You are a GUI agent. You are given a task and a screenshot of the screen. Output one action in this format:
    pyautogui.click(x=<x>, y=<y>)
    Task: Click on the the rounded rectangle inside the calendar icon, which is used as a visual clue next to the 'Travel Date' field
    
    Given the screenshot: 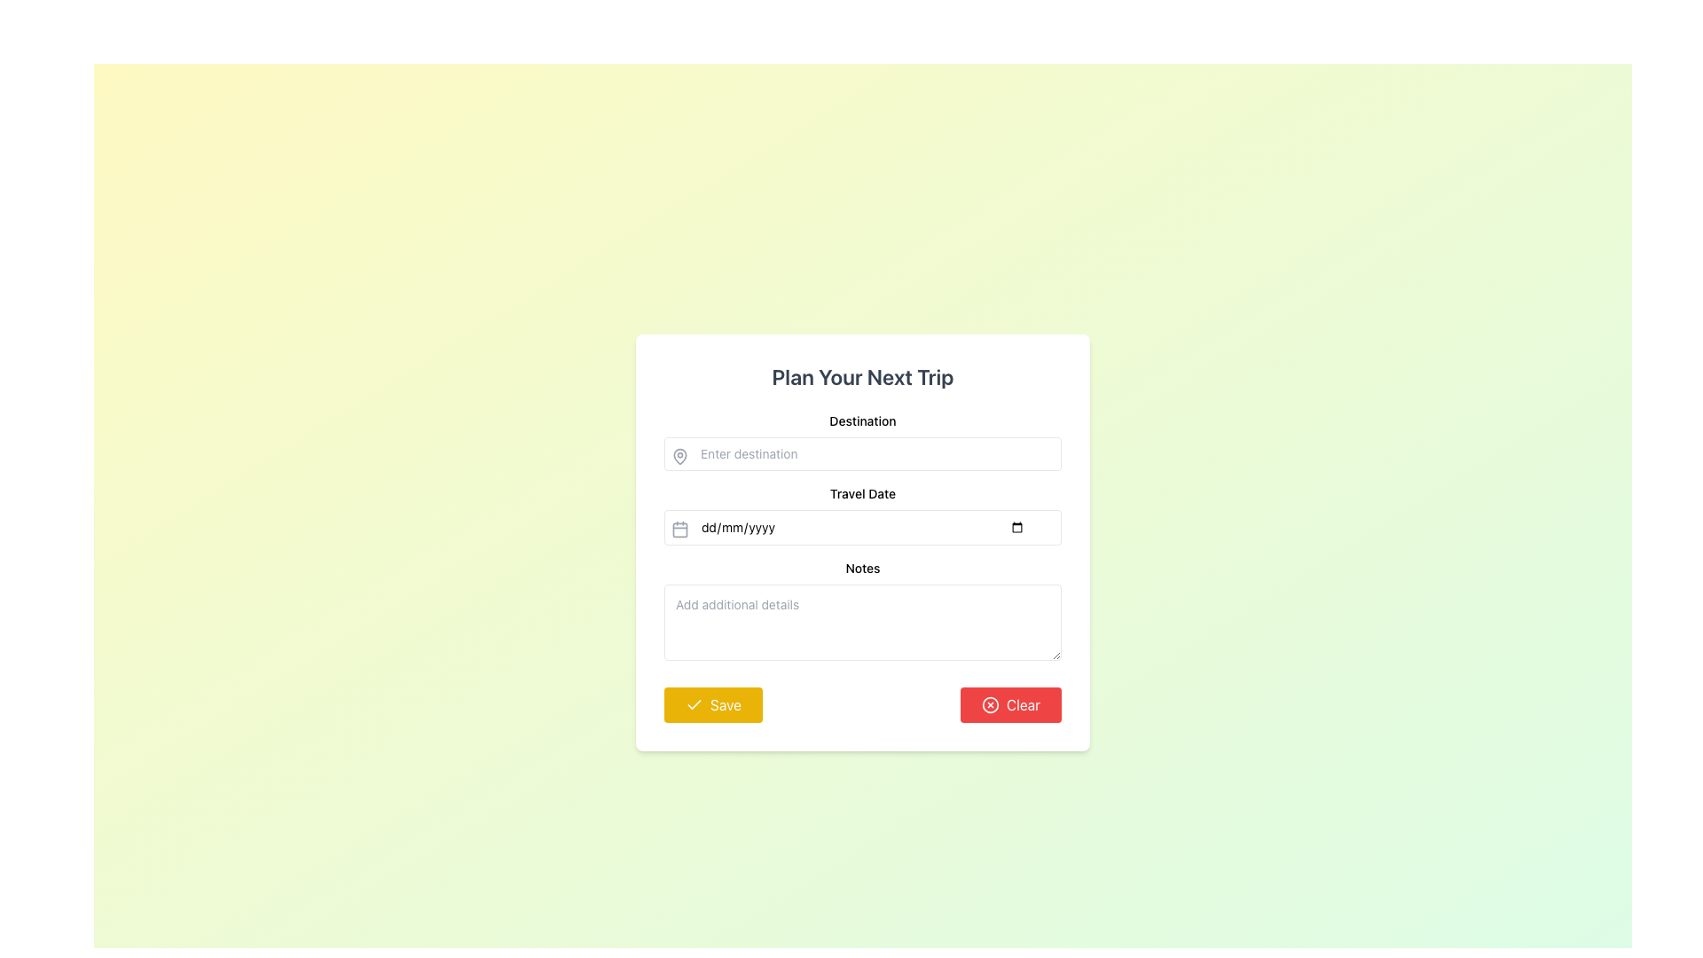 What is the action you would take?
    pyautogui.click(x=679, y=529)
    